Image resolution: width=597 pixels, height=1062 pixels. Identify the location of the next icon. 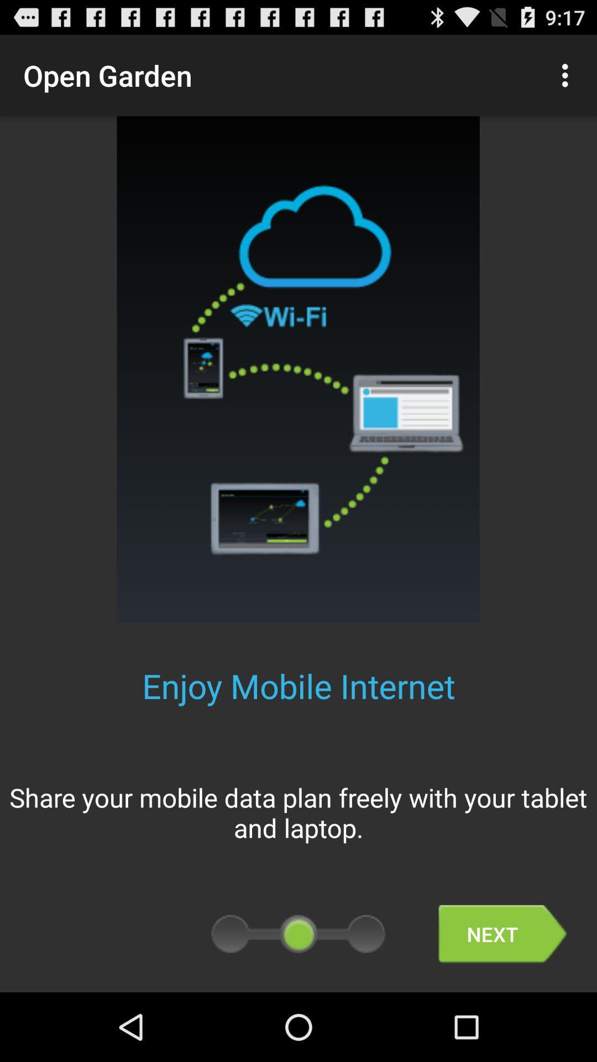
(502, 934).